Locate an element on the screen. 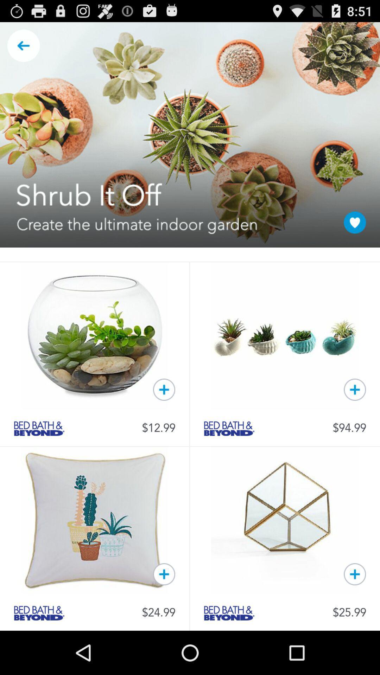 Image resolution: width=380 pixels, height=675 pixels. check bed bath beyond category is located at coordinates (39, 428).